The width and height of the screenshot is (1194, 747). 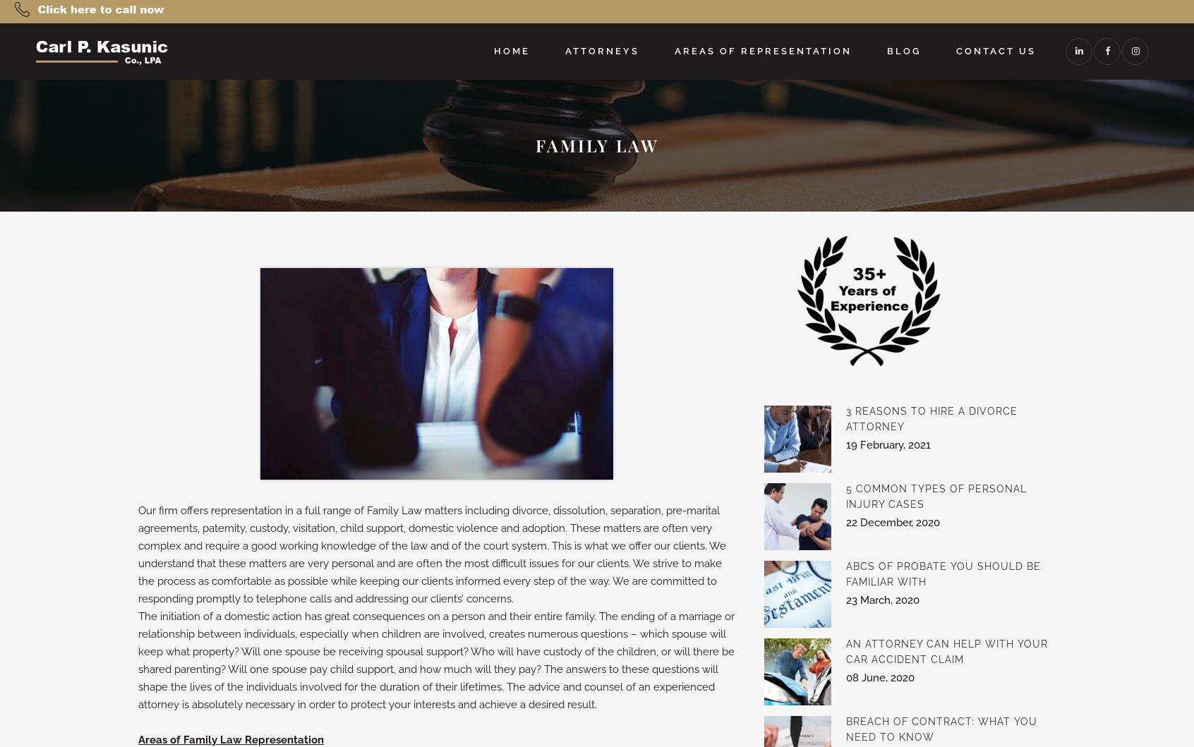 I want to click on 'ABCs of Probate You Should Be Familiar With', so click(x=844, y=573).